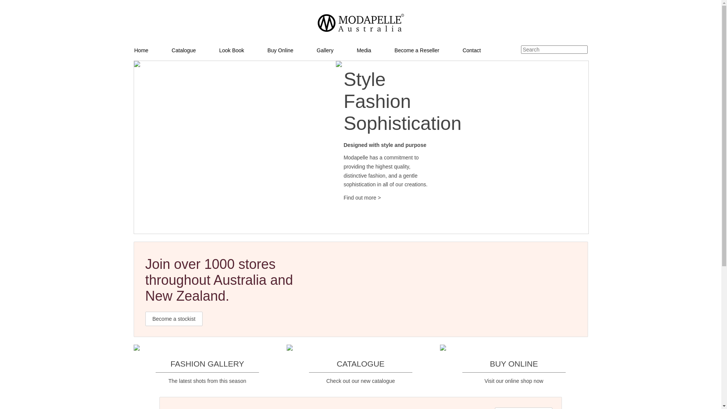 The height and width of the screenshot is (409, 727). What do you see at coordinates (195, 50) in the screenshot?
I see `'Catalogue'` at bounding box center [195, 50].